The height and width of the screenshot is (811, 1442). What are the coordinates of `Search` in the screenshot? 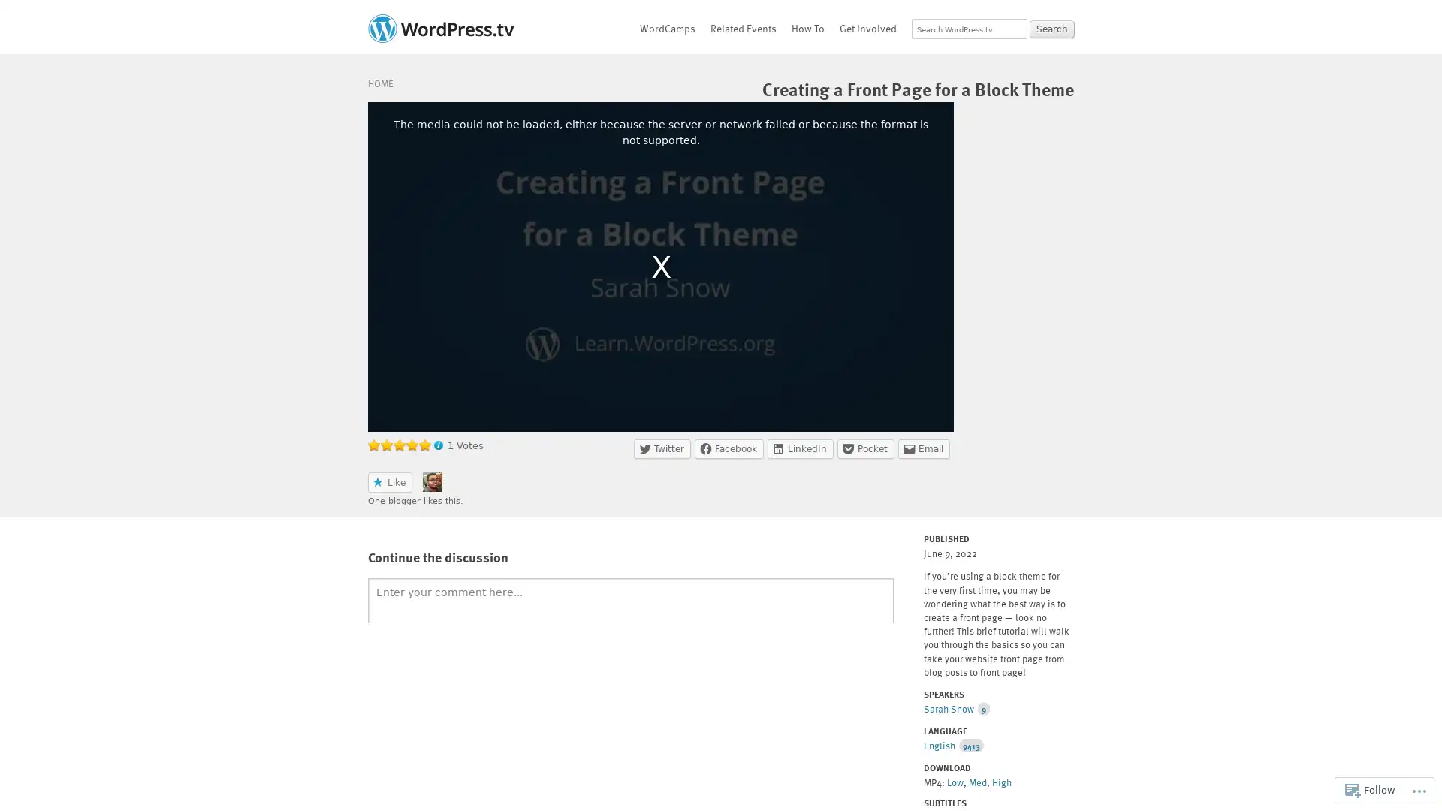 It's located at (1051, 29).